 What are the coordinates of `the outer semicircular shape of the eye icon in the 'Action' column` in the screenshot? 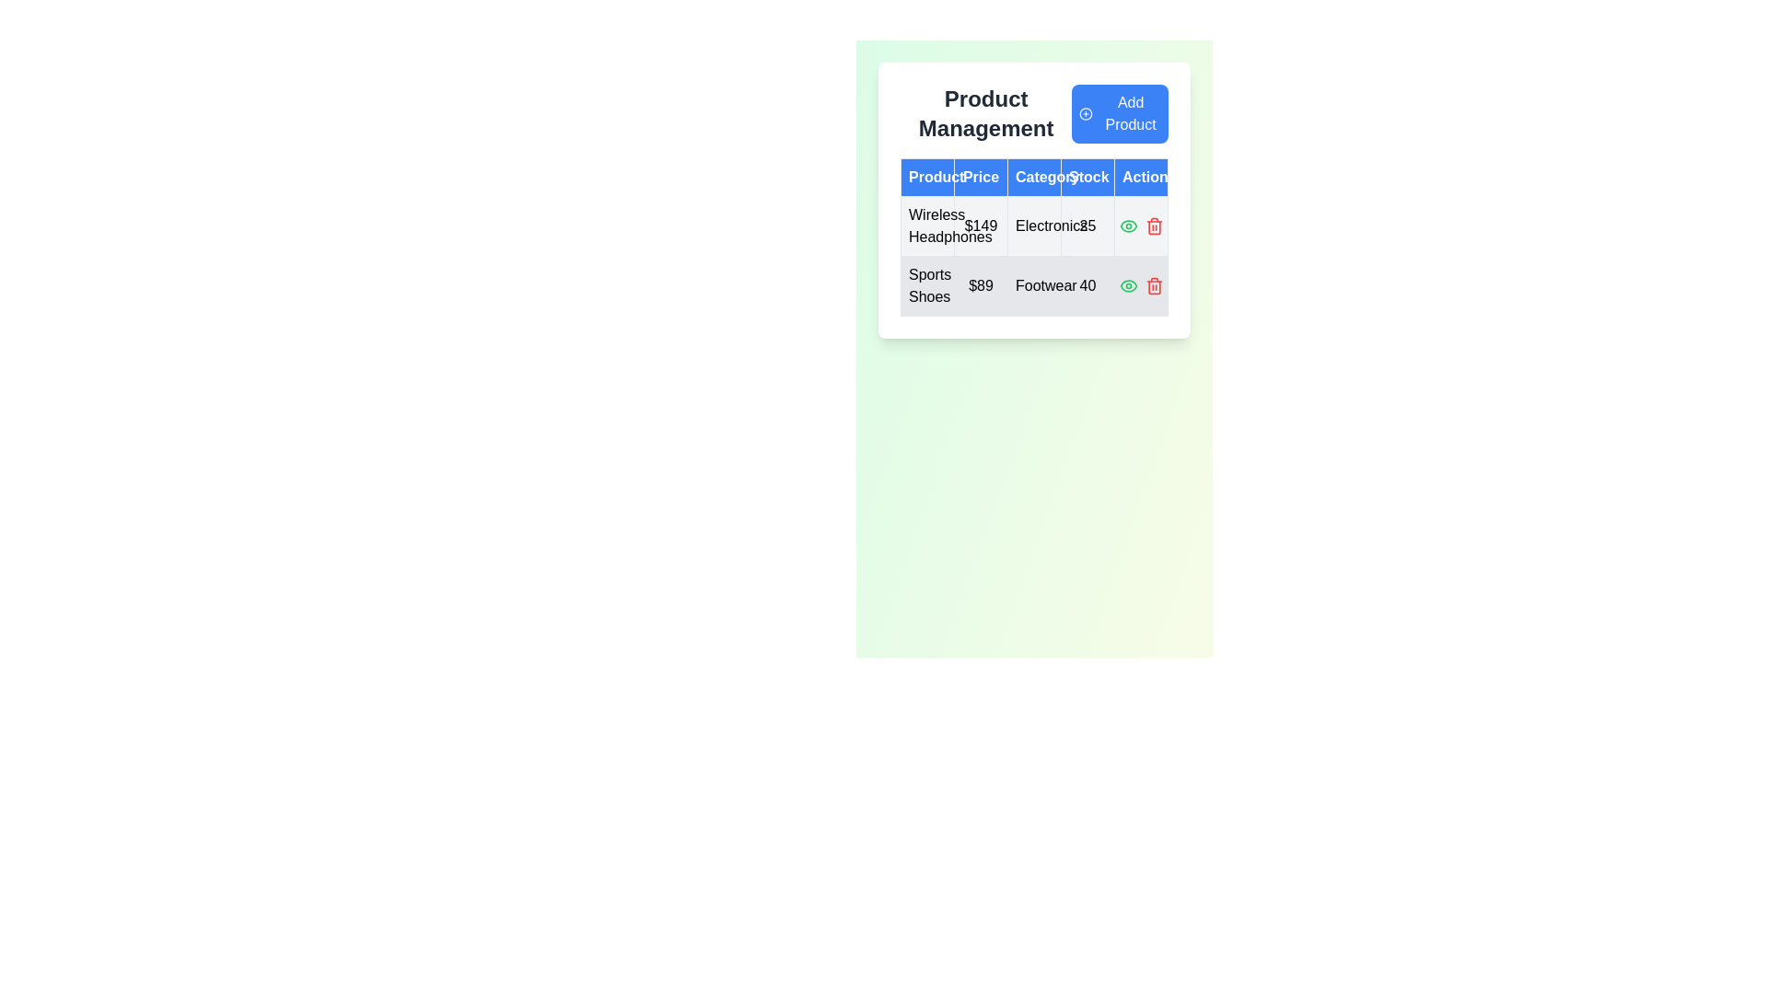 It's located at (1127, 225).